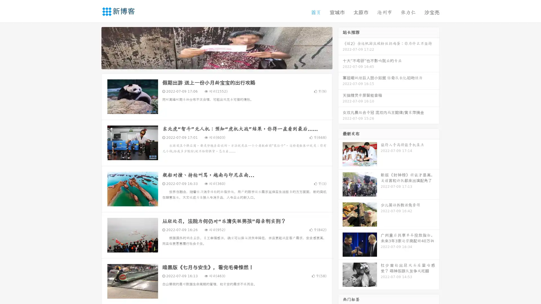 The width and height of the screenshot is (541, 304). What do you see at coordinates (222, 63) in the screenshot?
I see `Go to slide 3` at bounding box center [222, 63].